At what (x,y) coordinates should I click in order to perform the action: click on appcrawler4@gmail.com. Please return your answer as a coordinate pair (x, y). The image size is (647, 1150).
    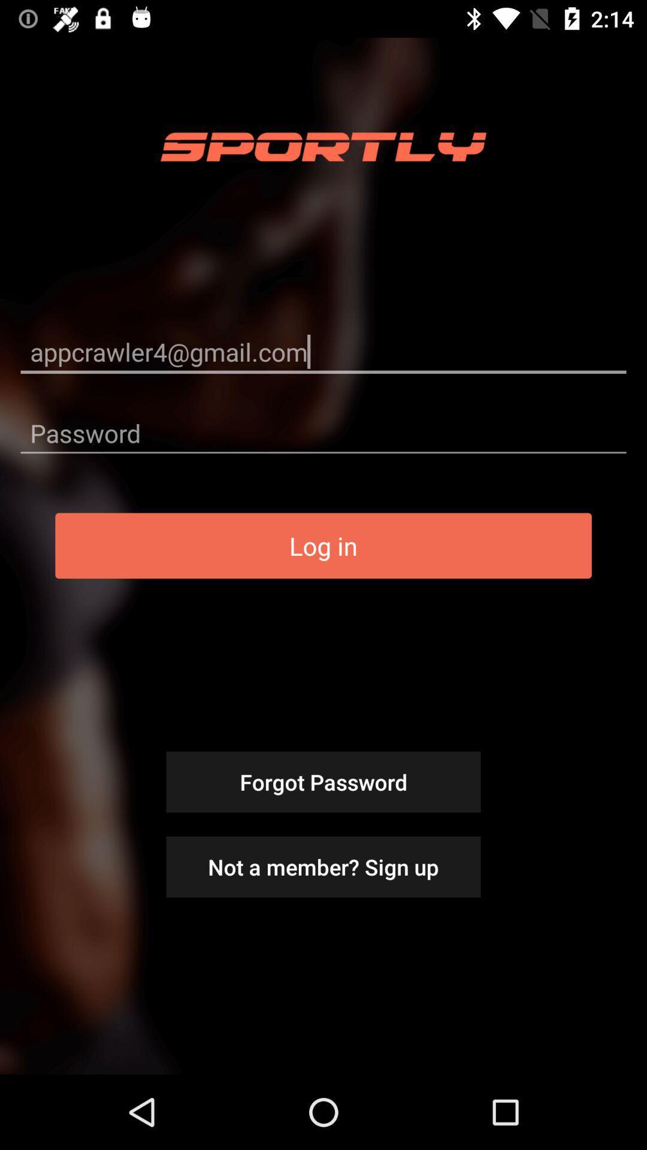
    Looking at the image, I should click on (323, 351).